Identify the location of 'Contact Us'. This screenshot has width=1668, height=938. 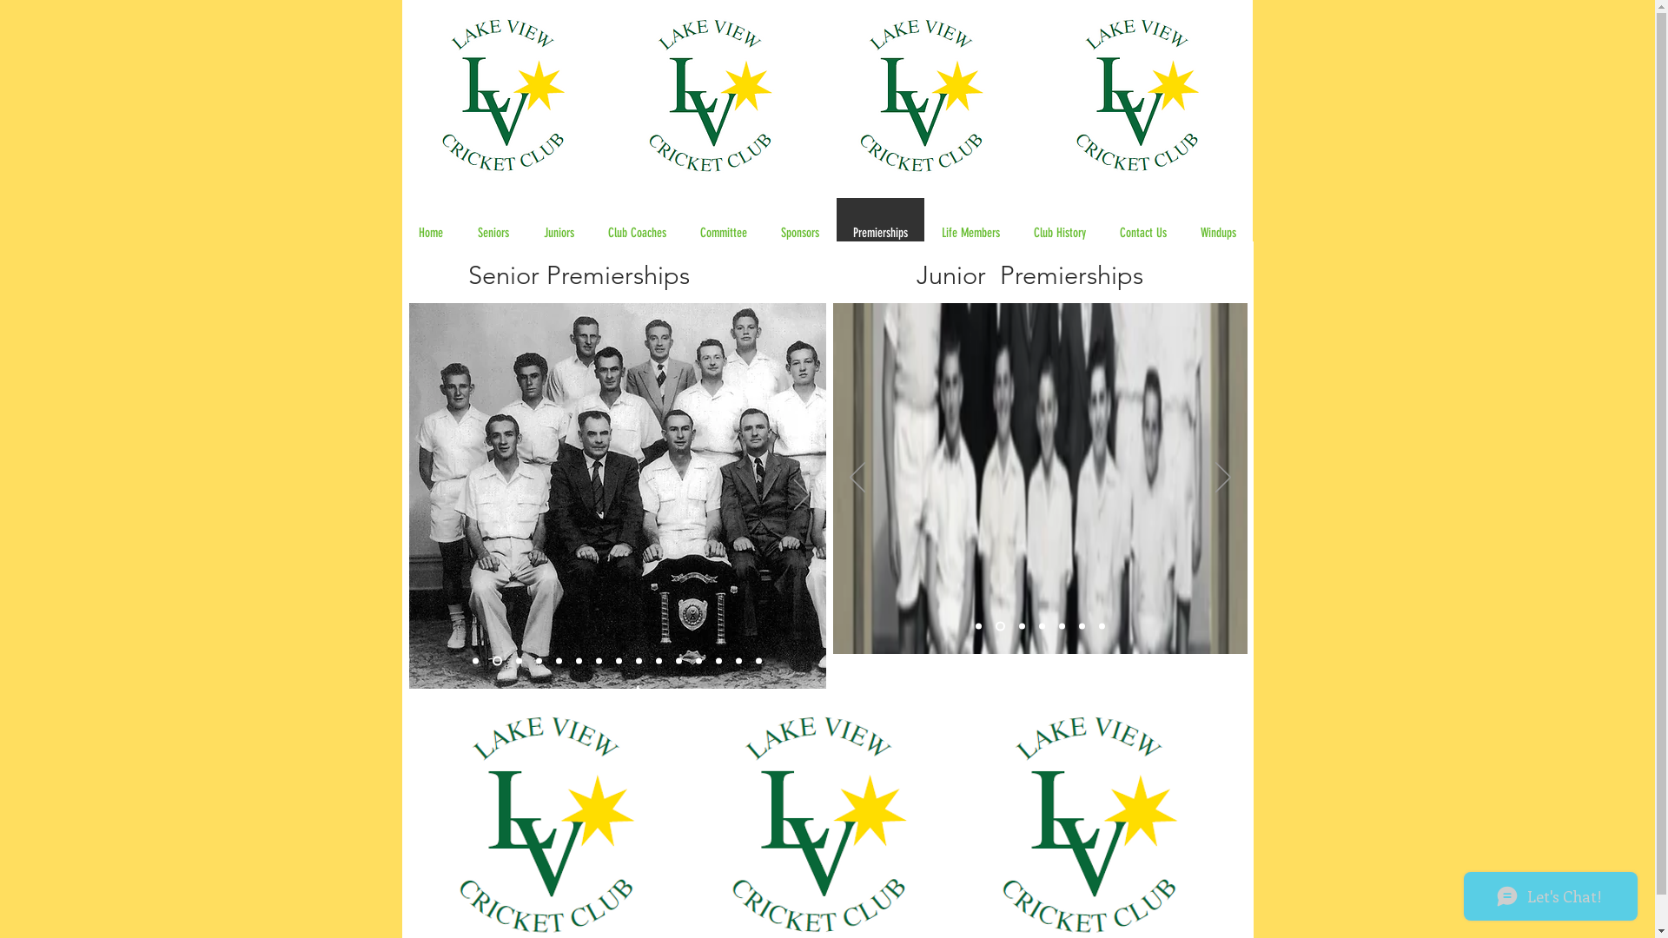
(1142, 232).